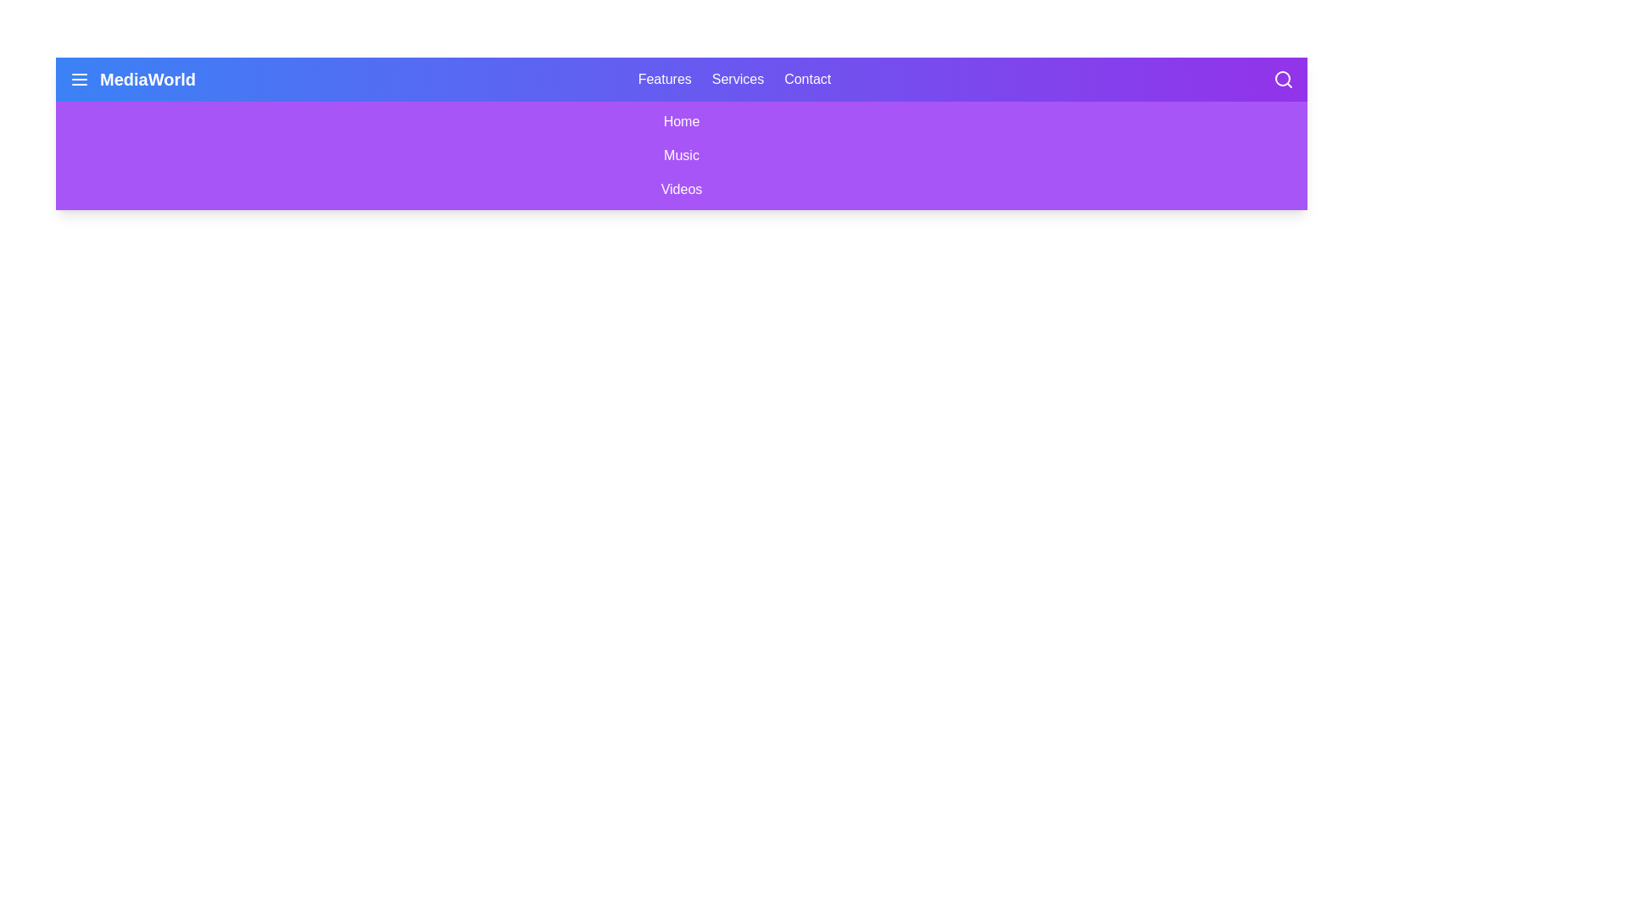  What do you see at coordinates (148, 79) in the screenshot?
I see `the text label displaying 'MediaWorld' in bold with a blue background, located in the navigation bar near the upper-left corner` at bounding box center [148, 79].